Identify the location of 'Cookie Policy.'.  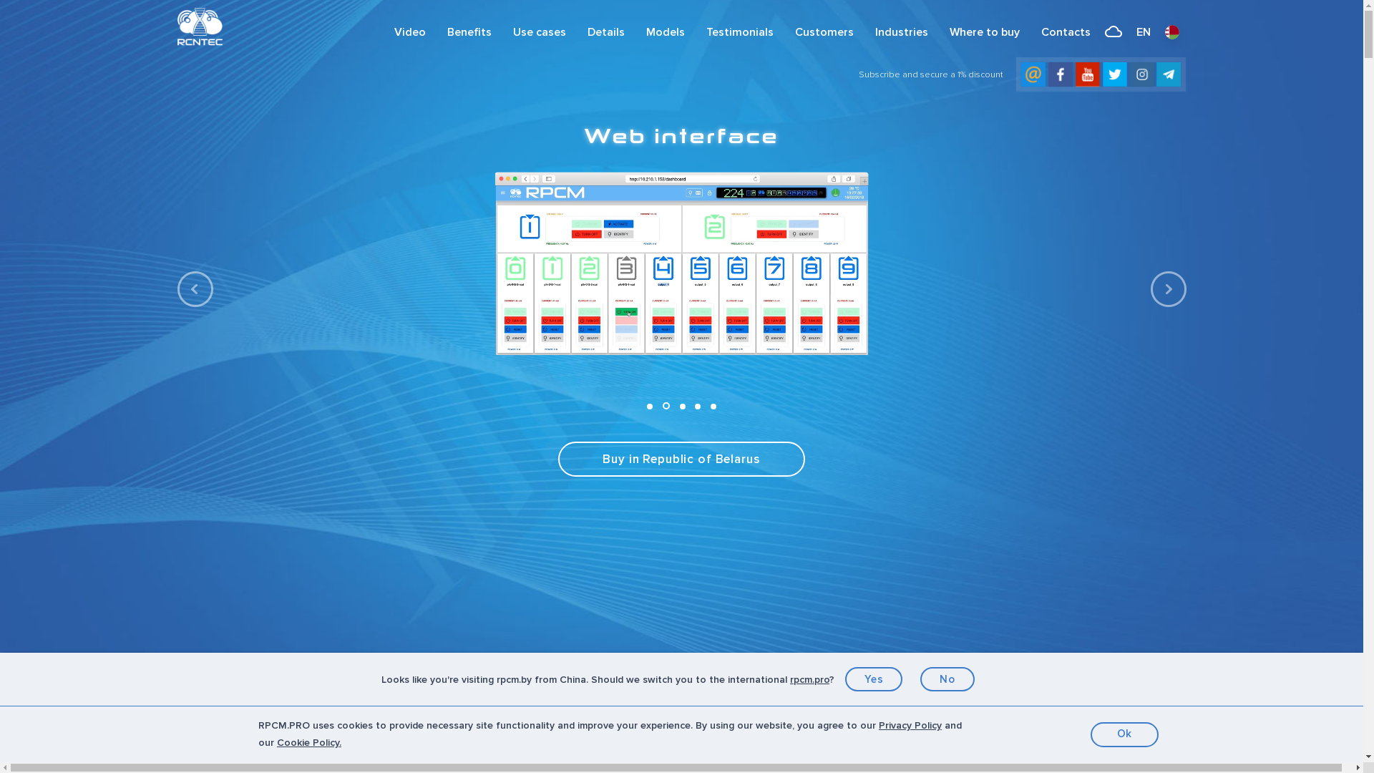
(308, 742).